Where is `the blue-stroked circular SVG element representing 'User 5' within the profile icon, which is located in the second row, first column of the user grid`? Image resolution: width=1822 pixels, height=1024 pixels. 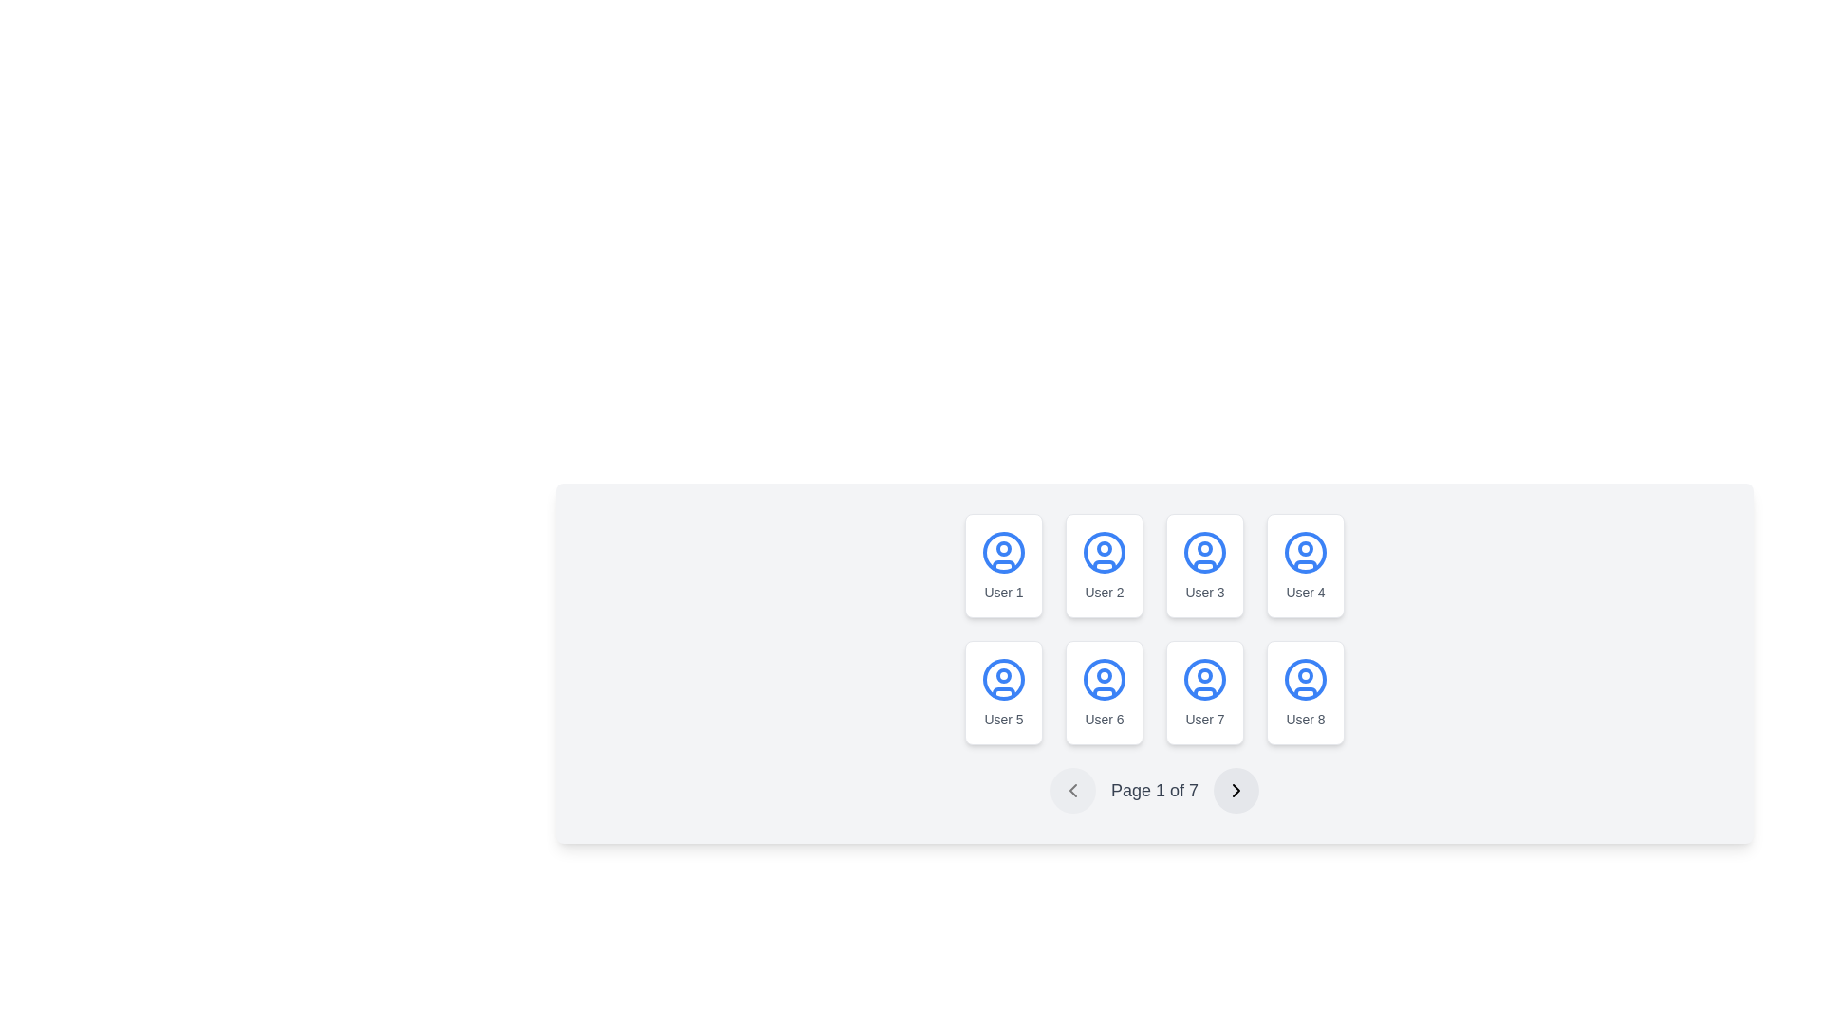
the blue-stroked circular SVG element representing 'User 5' within the profile icon, which is located in the second row, first column of the user grid is located at coordinates (1002, 679).